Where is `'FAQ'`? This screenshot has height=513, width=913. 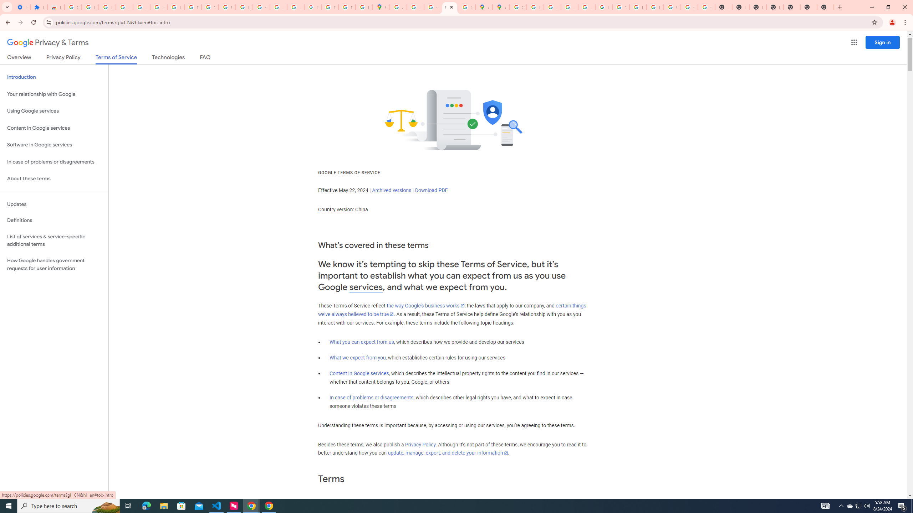 'FAQ' is located at coordinates (205, 58).